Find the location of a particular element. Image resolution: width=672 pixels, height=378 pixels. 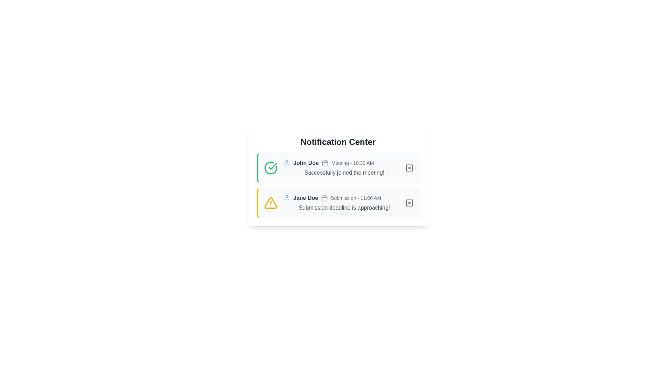

the user SVG icon located at the leftmost position in the first notification entry, adjacent to the name 'John Doe' is located at coordinates (287, 163).